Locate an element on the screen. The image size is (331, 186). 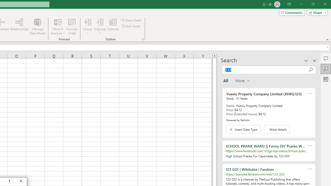
'Ungroup...' is located at coordinates (100, 22).